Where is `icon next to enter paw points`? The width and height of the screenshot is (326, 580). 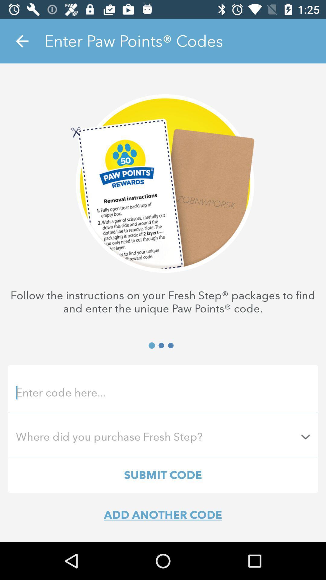
icon next to enter paw points is located at coordinates (22, 41).